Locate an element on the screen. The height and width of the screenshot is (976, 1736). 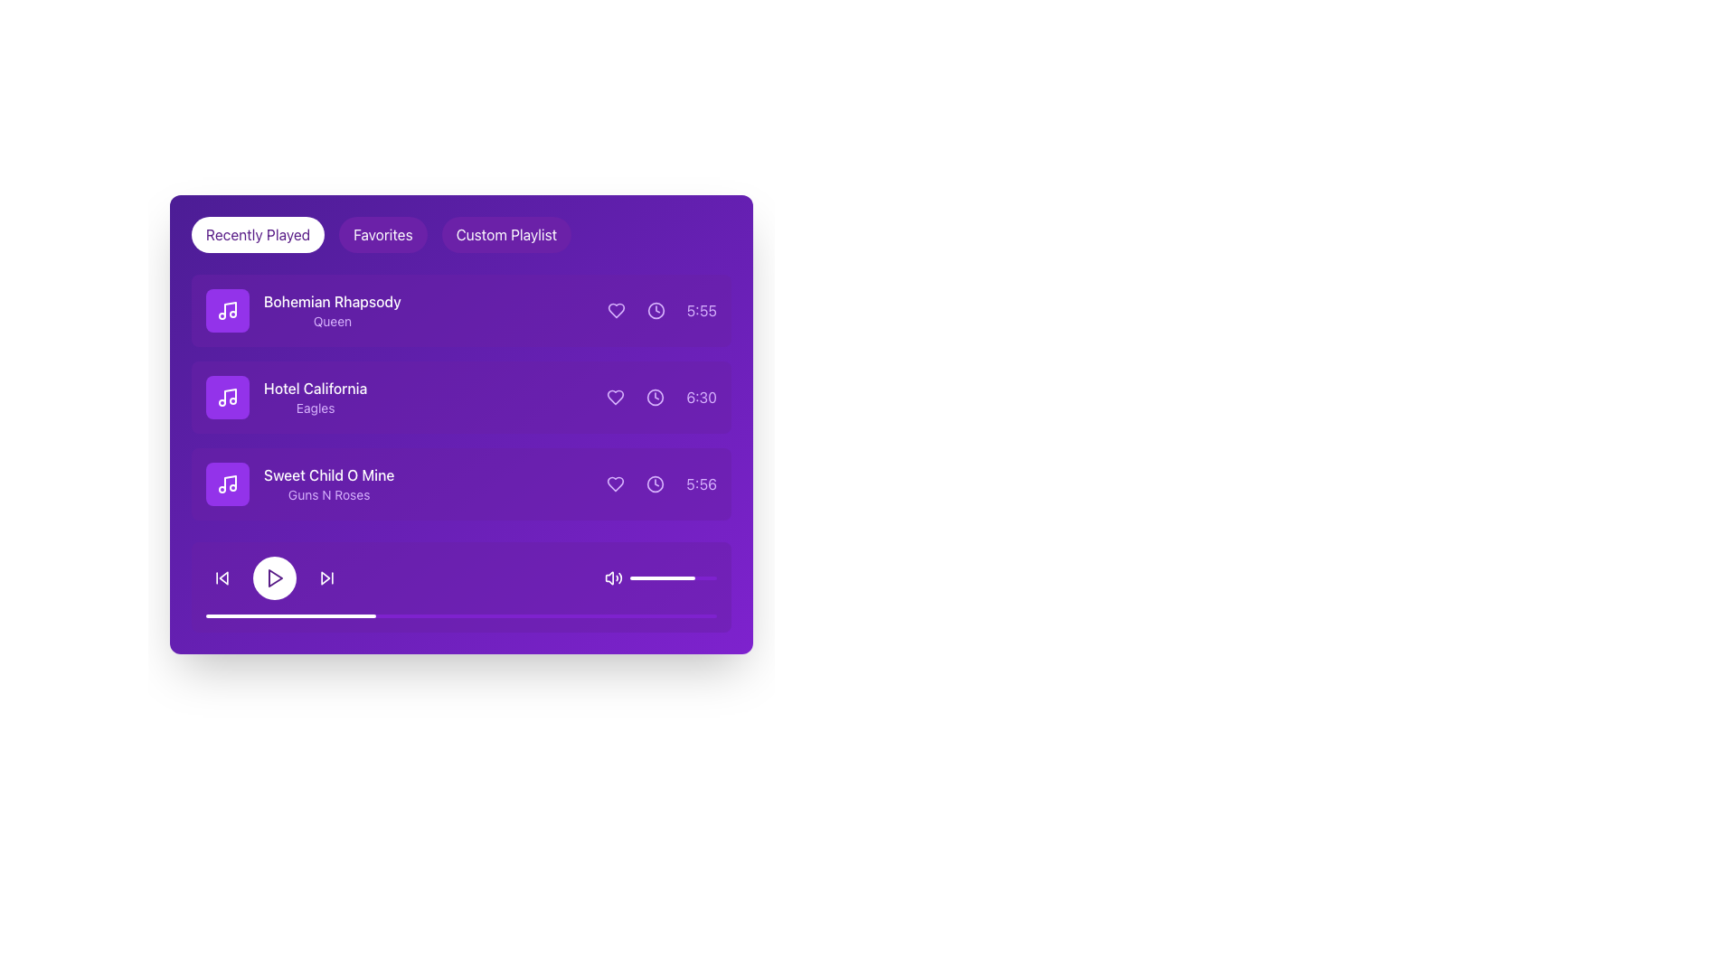
the music note icon contained within a purple square background, which is the second icon in the vertical list next to the song entry 'Hotel California' by the Eagles is located at coordinates (227, 396).